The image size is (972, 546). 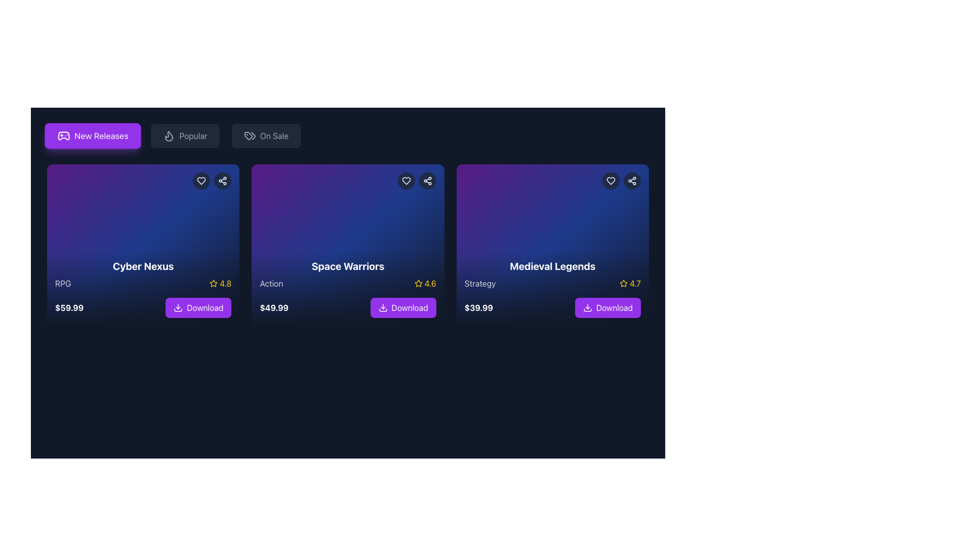 What do you see at coordinates (614, 307) in the screenshot?
I see `the 'Download' label within the purple button that is part of the 'Medieval Legends' card, located at the bottom-right corner and styled with rounded corners` at bounding box center [614, 307].